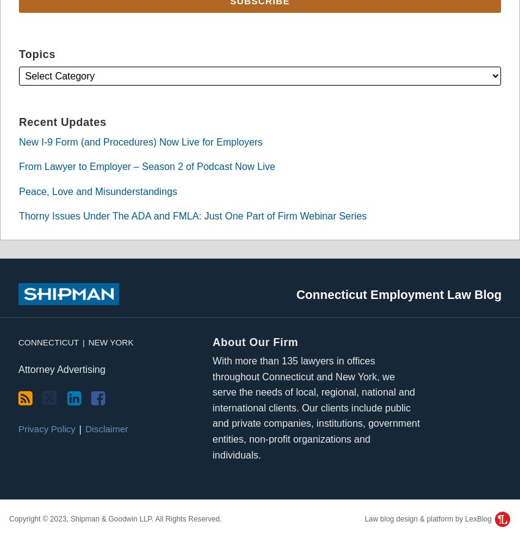 This screenshot has height=538, width=520. What do you see at coordinates (255, 341) in the screenshot?
I see `'About Our Firm'` at bounding box center [255, 341].